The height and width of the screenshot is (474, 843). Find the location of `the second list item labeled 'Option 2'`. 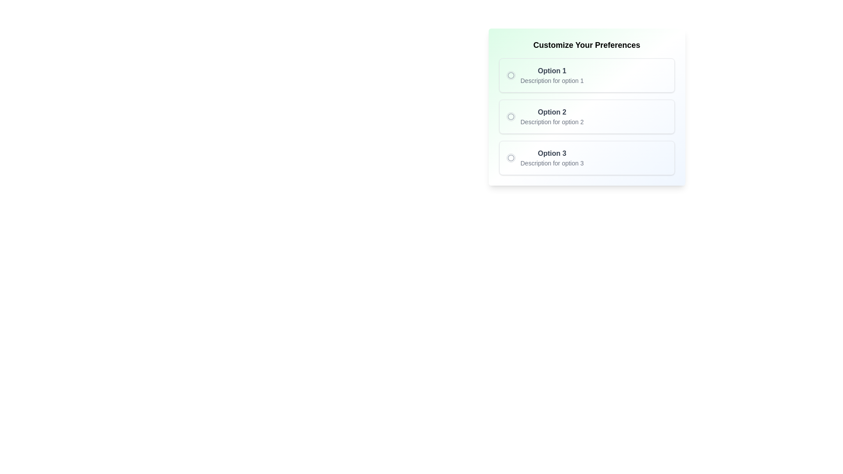

the second list item labeled 'Option 2' is located at coordinates (587, 106).